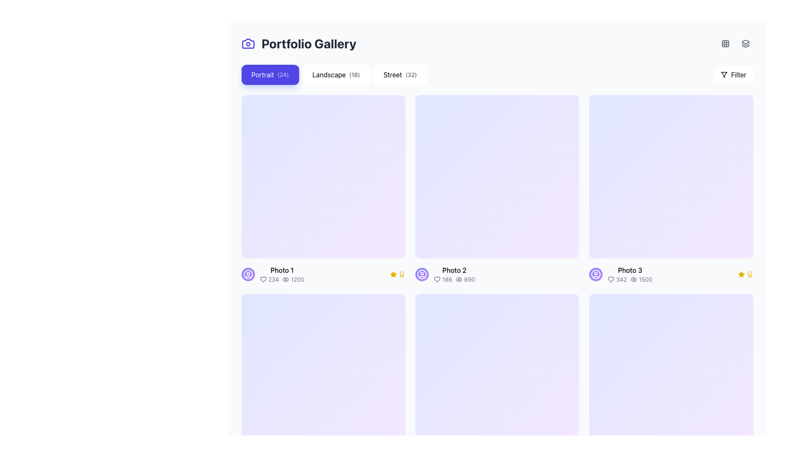  What do you see at coordinates (670, 176) in the screenshot?
I see `the status signified by the small graphical icon resembling an outline of a book with a bookmark, located in the top portion of the tile labeled 'Photo 3'` at bounding box center [670, 176].